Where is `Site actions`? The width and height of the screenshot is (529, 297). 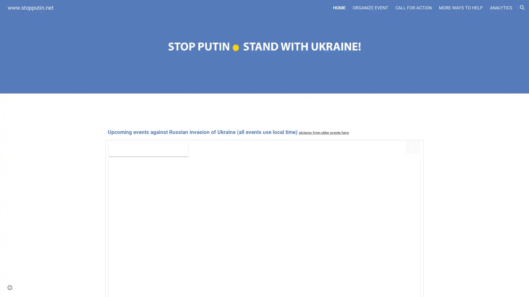 Site actions is located at coordinates (10, 287).